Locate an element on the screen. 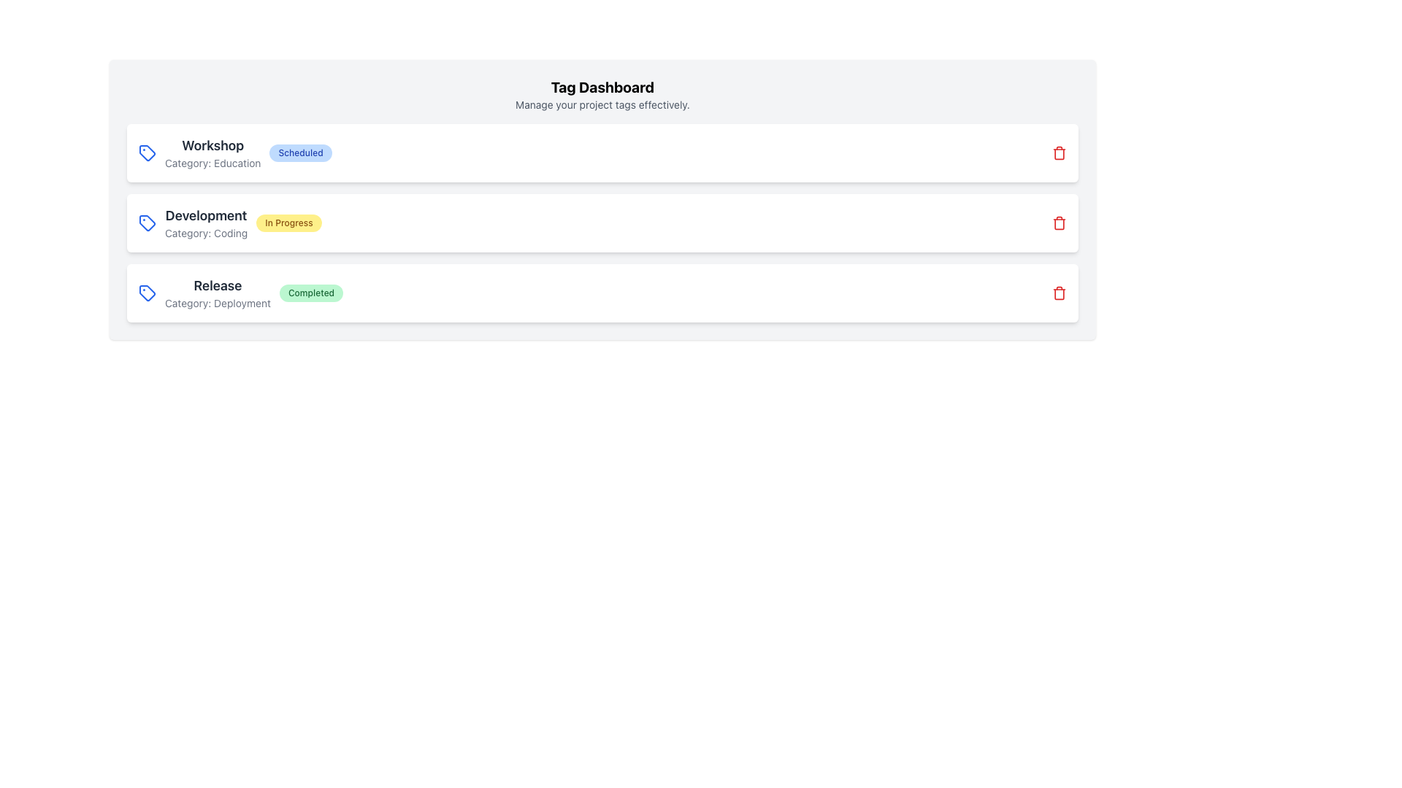 This screenshot has width=1402, height=788. properties of the Text Display element titled 'Development' located in the second row of the 'Tag Dashboard' list using developer tools is located at coordinates (205, 223).